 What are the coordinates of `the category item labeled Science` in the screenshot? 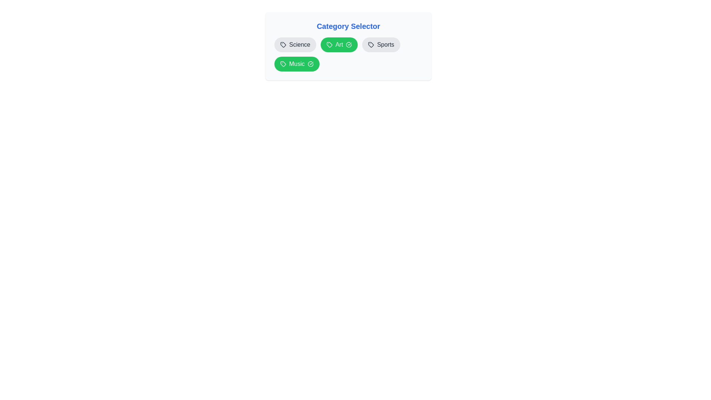 It's located at (294, 44).